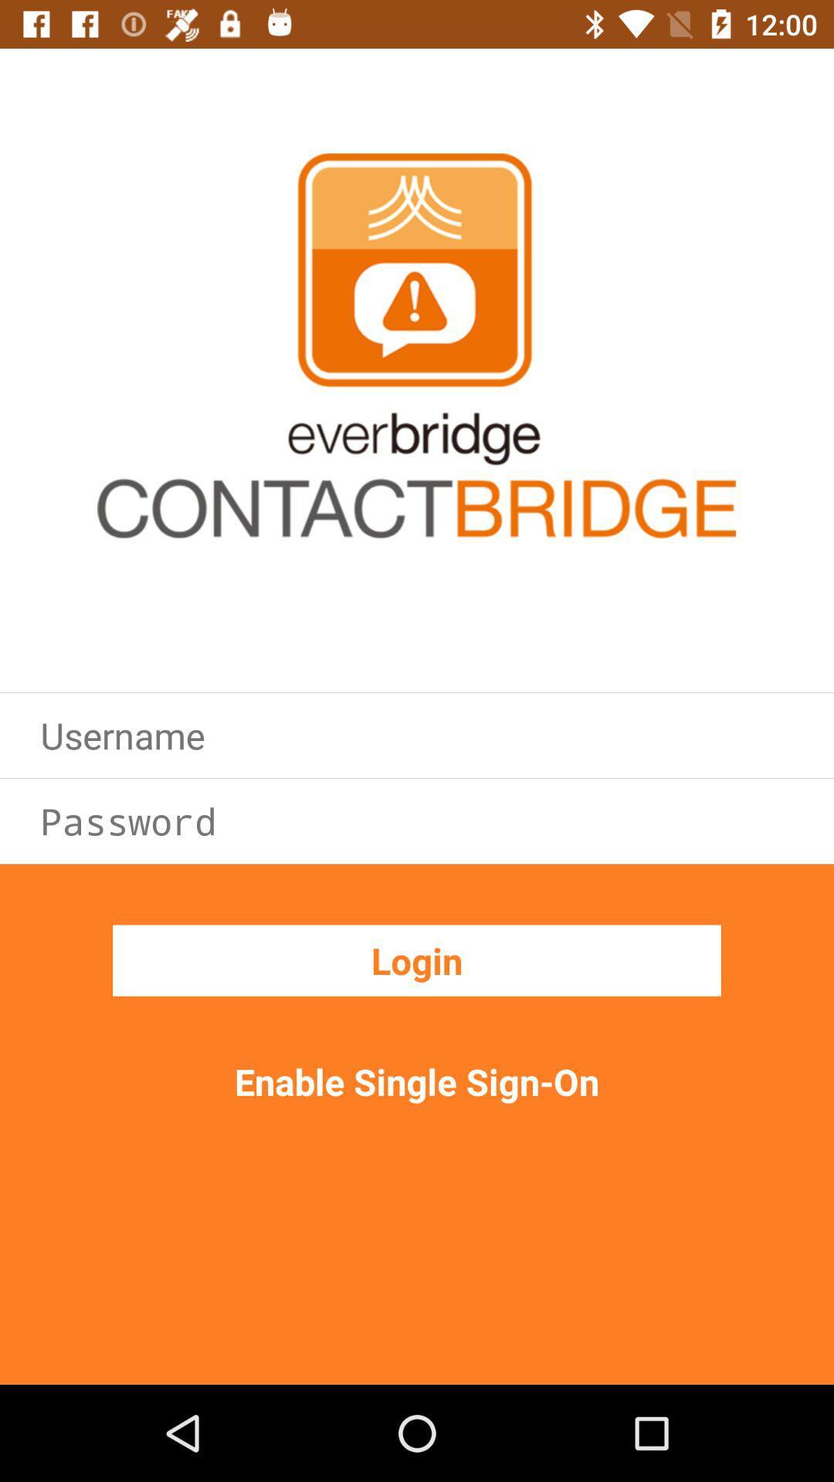  Describe the element at coordinates (417, 959) in the screenshot. I see `the login` at that location.